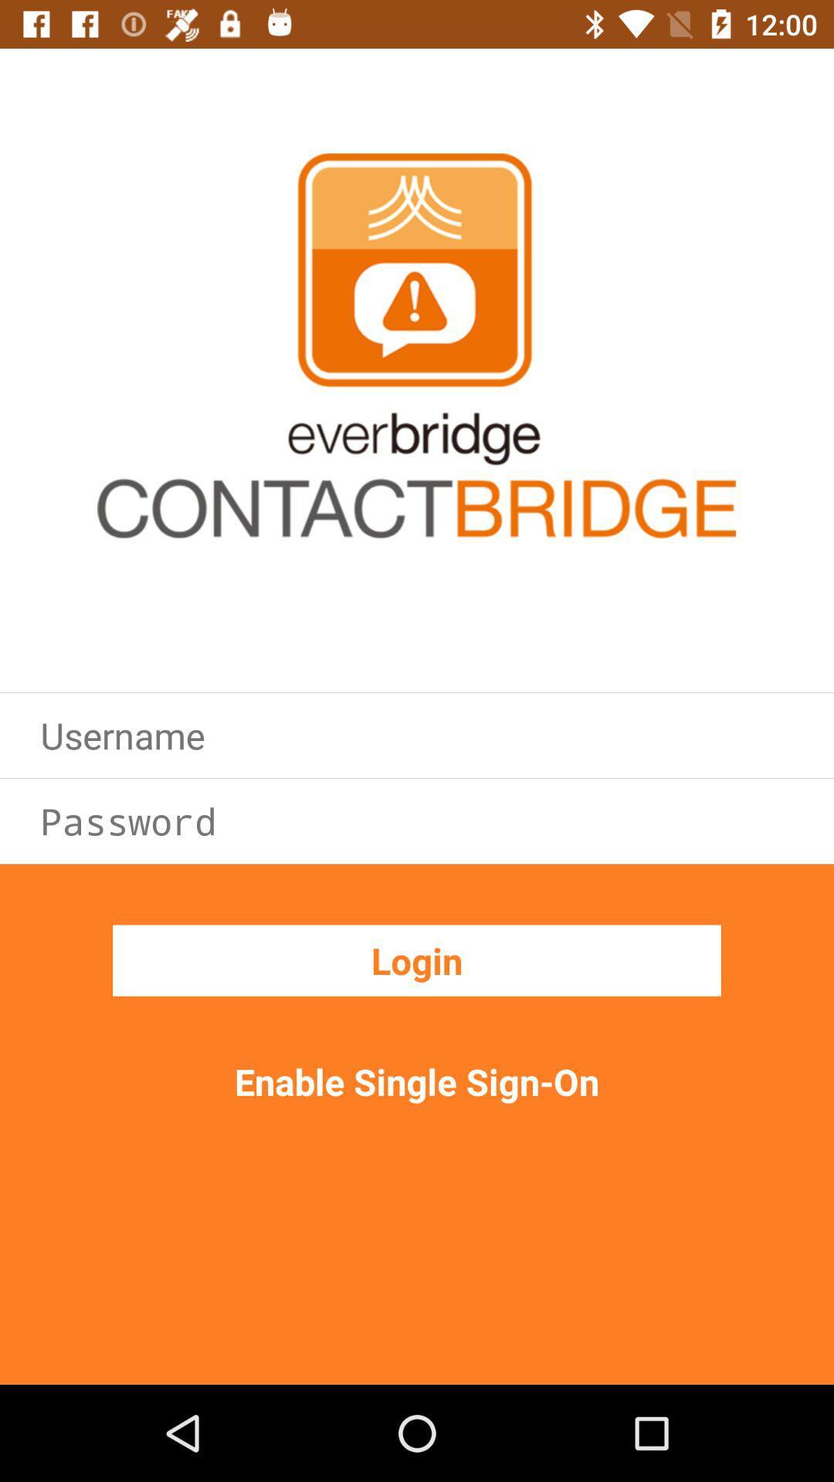  Describe the element at coordinates (417, 959) in the screenshot. I see `the login` at that location.